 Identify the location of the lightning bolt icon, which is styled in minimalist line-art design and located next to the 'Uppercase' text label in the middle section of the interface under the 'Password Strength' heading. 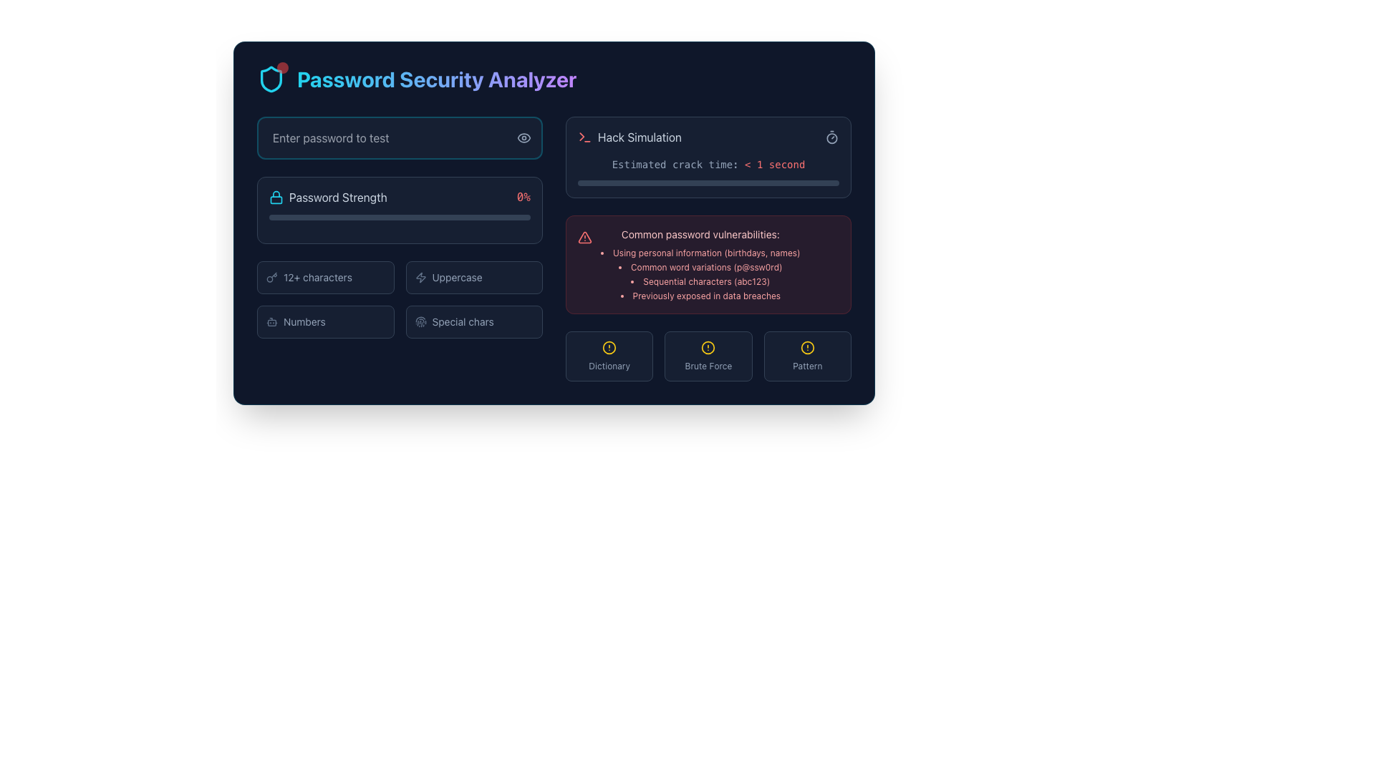
(420, 278).